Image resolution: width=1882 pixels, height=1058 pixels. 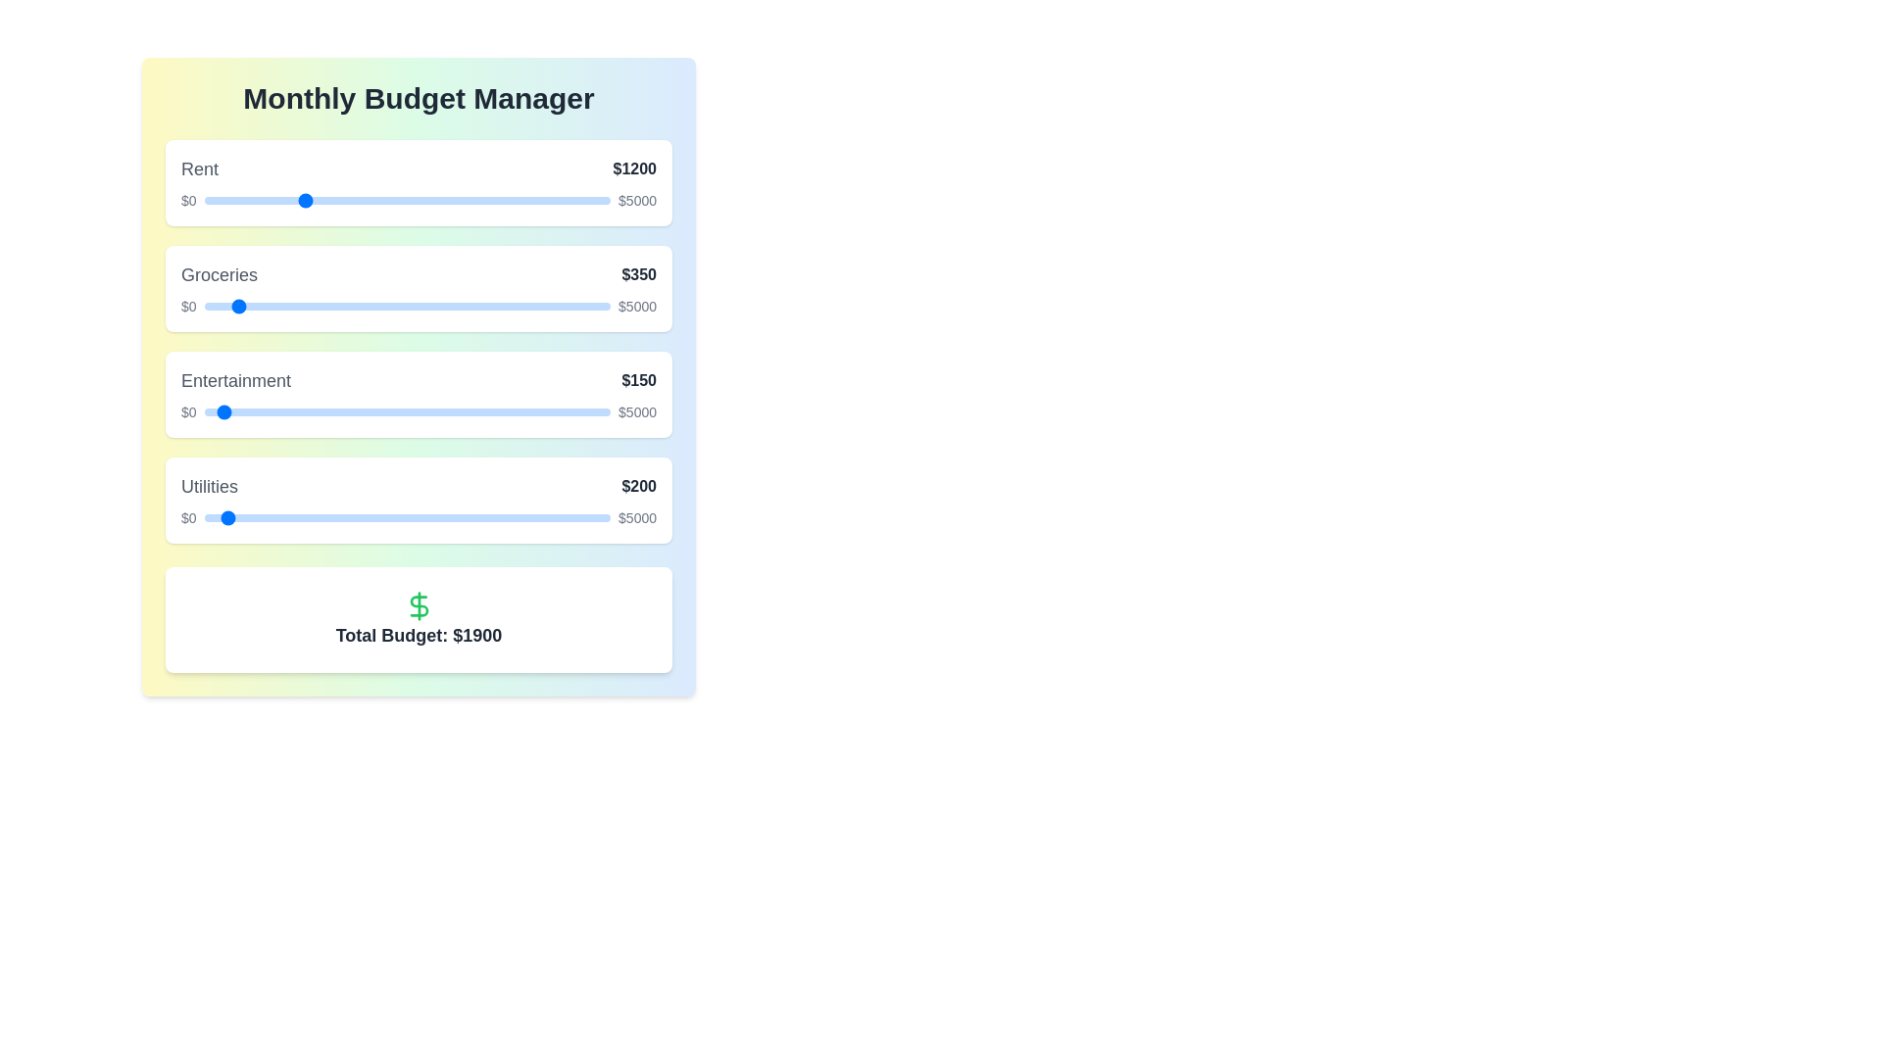 I want to click on the Entertainment budget, so click(x=306, y=410).